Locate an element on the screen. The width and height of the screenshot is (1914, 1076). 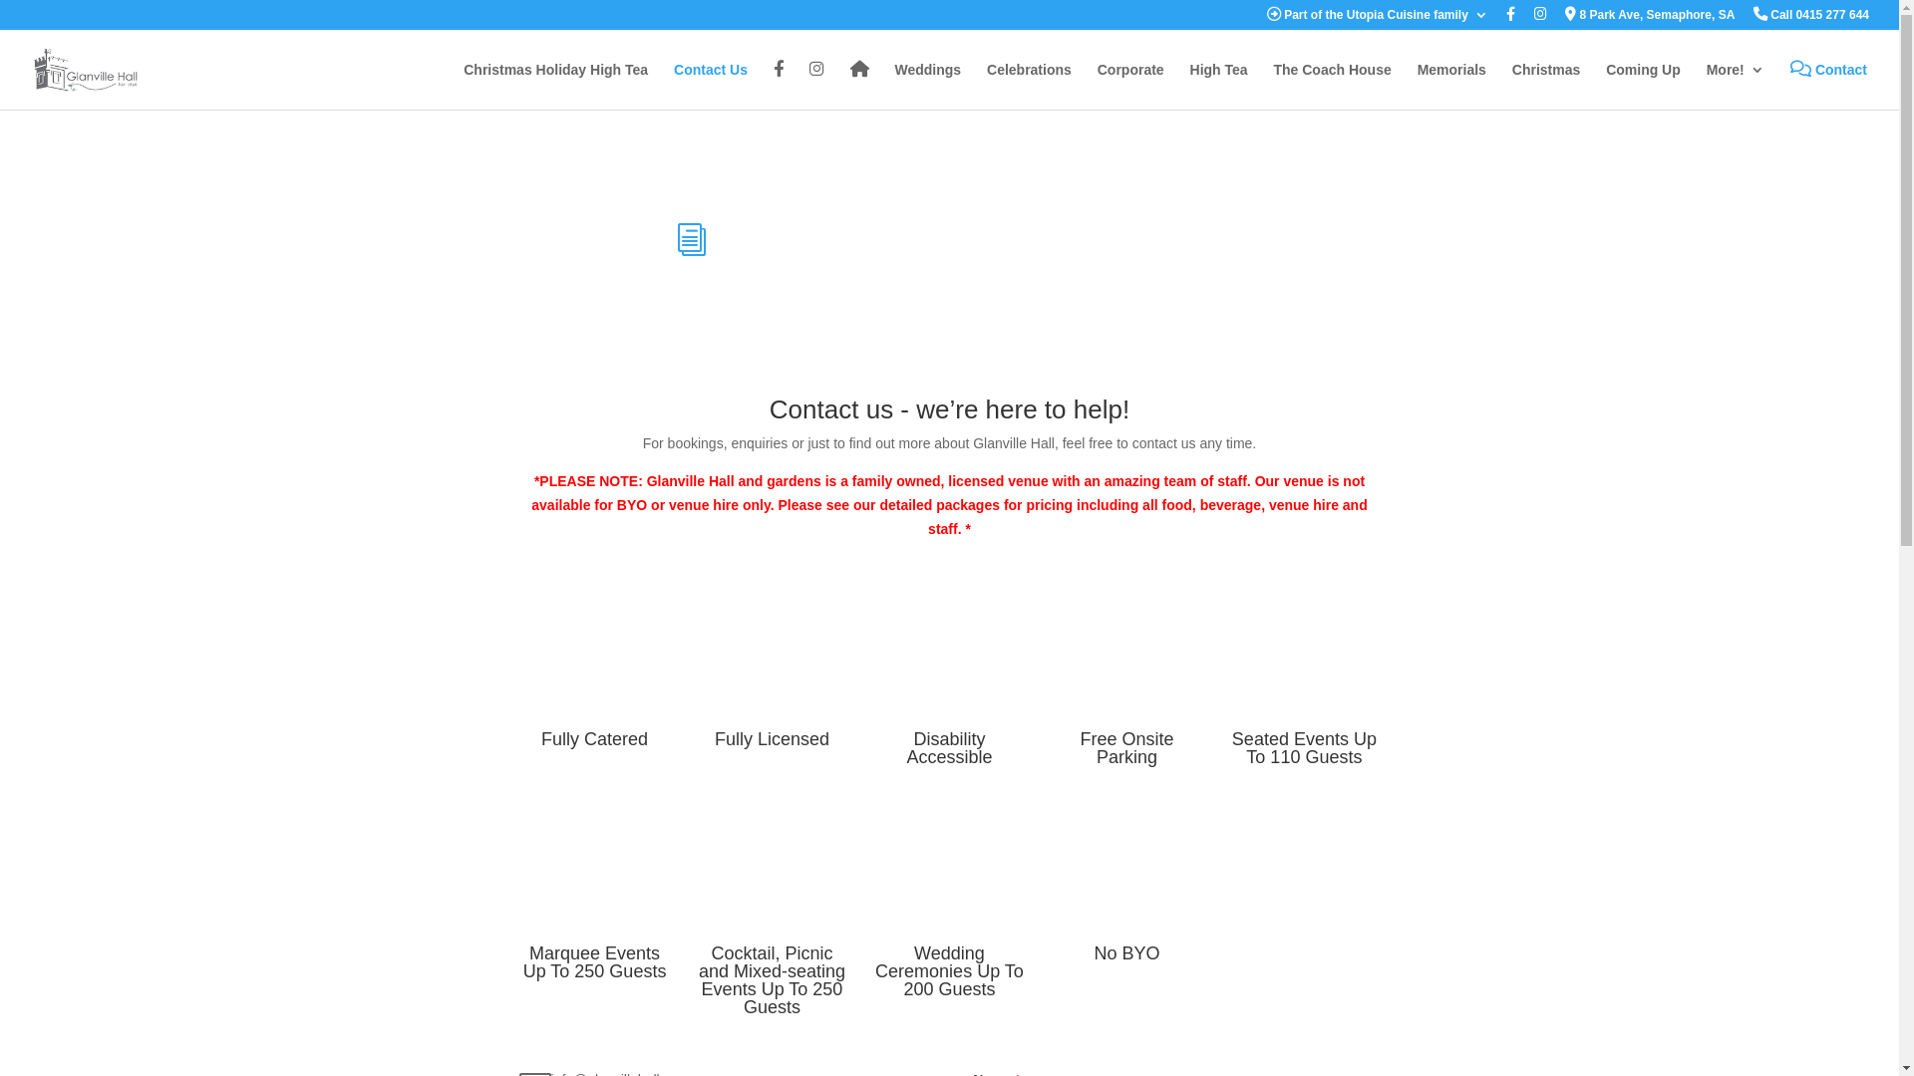
'The Coach House' is located at coordinates (1331, 85).